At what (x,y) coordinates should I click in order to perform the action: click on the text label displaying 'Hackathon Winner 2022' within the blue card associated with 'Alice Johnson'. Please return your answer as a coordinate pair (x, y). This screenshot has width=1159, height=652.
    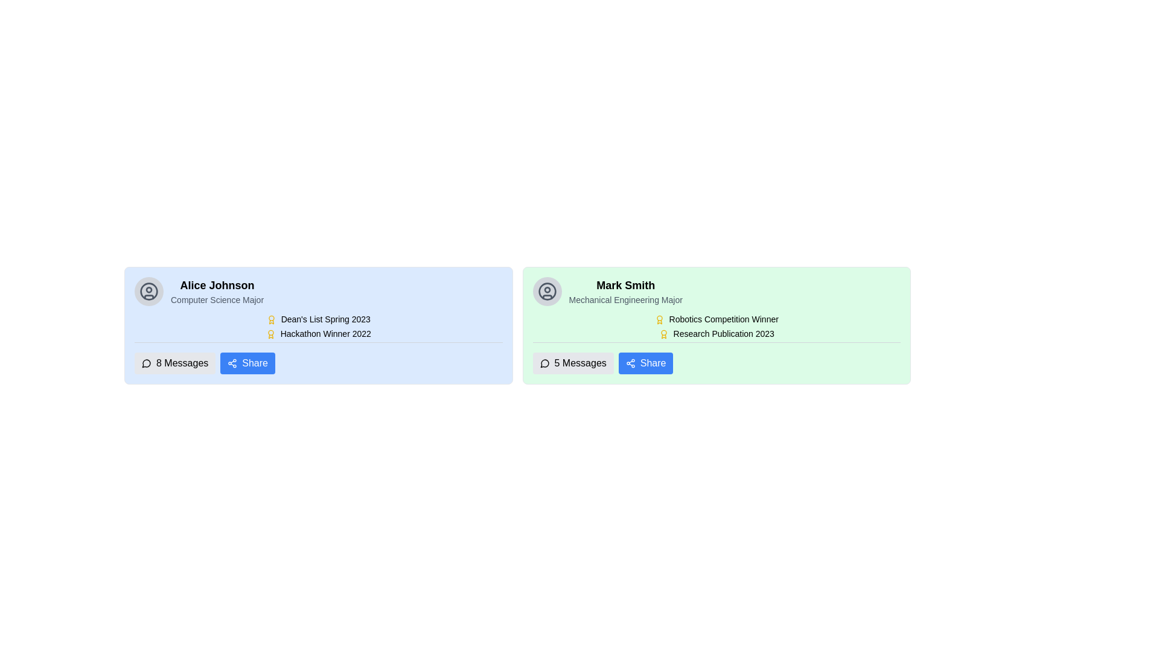
    Looking at the image, I should click on (318, 333).